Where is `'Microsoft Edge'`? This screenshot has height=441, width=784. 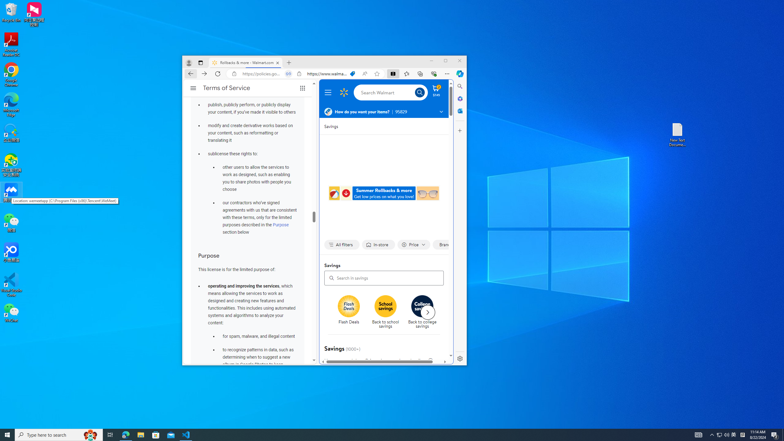 'Microsoft Edge' is located at coordinates (11, 104).